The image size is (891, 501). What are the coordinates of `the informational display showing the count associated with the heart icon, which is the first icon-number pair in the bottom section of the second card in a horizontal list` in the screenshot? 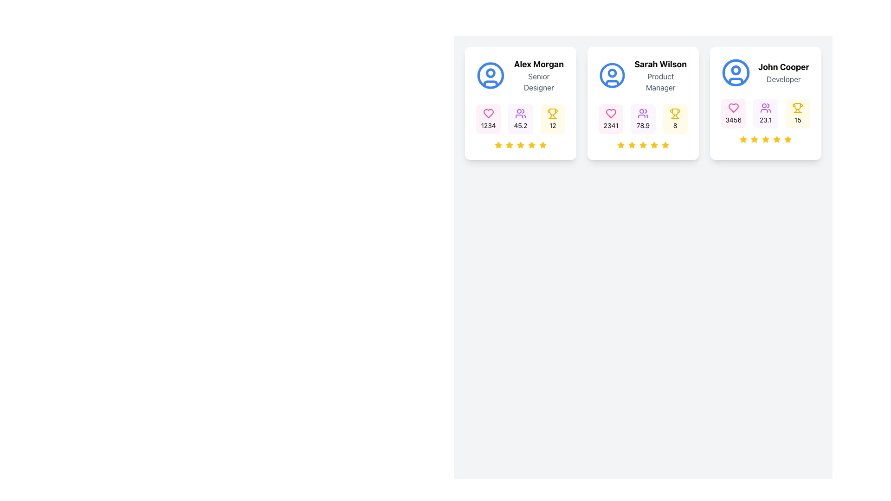 It's located at (611, 119).